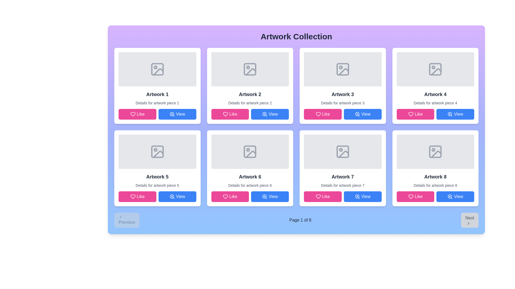 This screenshot has width=515, height=289. What do you see at coordinates (226, 197) in the screenshot?
I see `the heart icon button located in the sixth artwork card, positioned to the left of the 'View' button, to like this artwork` at bounding box center [226, 197].